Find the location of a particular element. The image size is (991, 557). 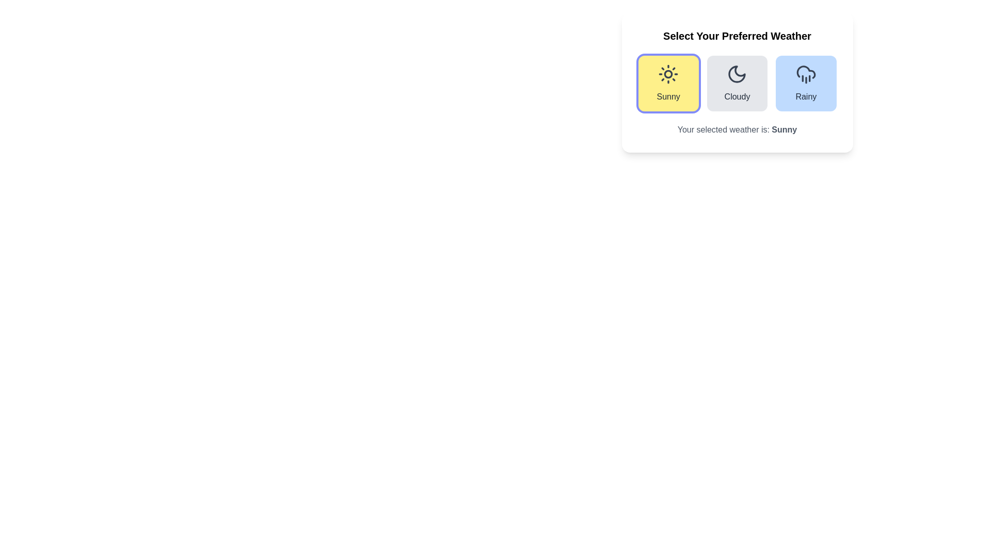

the 'Cloudy' option card, which is the middle card in the weather options is located at coordinates (737, 81).